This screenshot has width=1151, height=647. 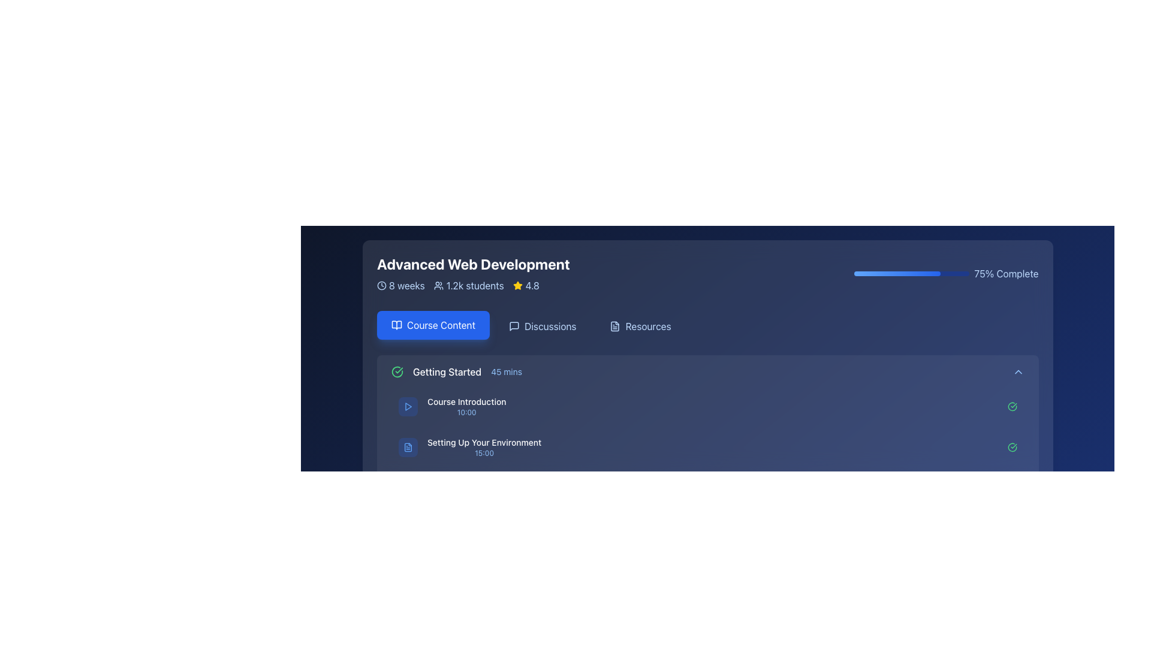 What do you see at coordinates (432, 325) in the screenshot?
I see `the 'Course Content' button` at bounding box center [432, 325].